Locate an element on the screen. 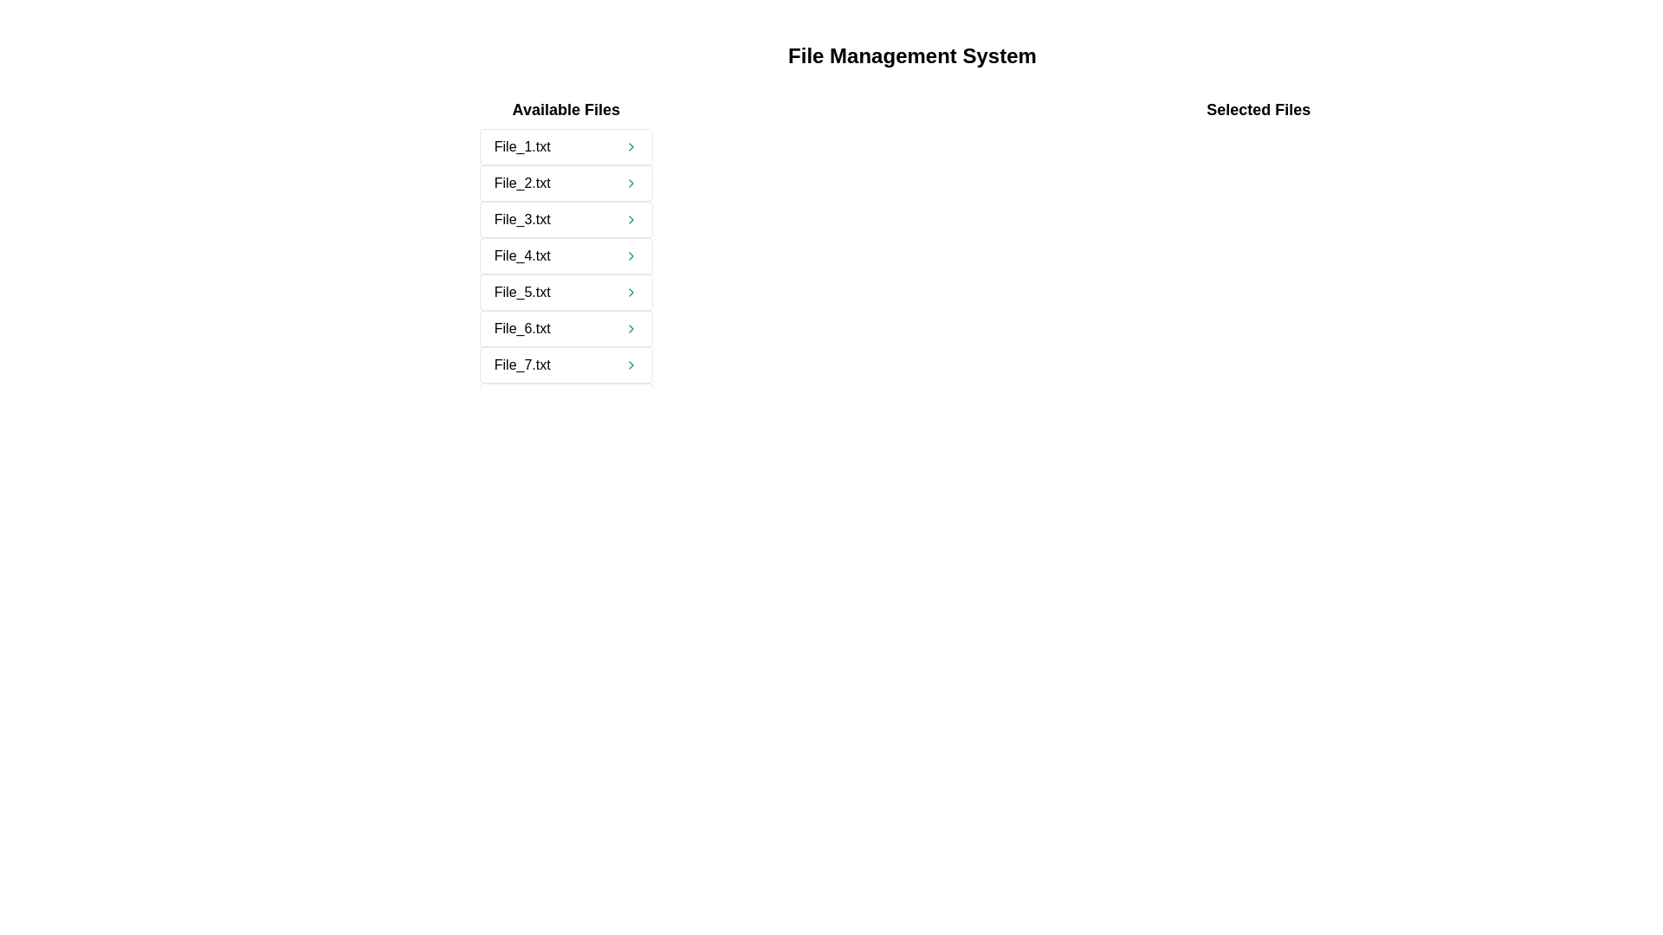 The height and width of the screenshot is (935, 1663). the green right-pointing chevron icon button located to the right of 'File_1.txt' in the 'Available Files' list to observe any hover effect is located at coordinates (630, 145).